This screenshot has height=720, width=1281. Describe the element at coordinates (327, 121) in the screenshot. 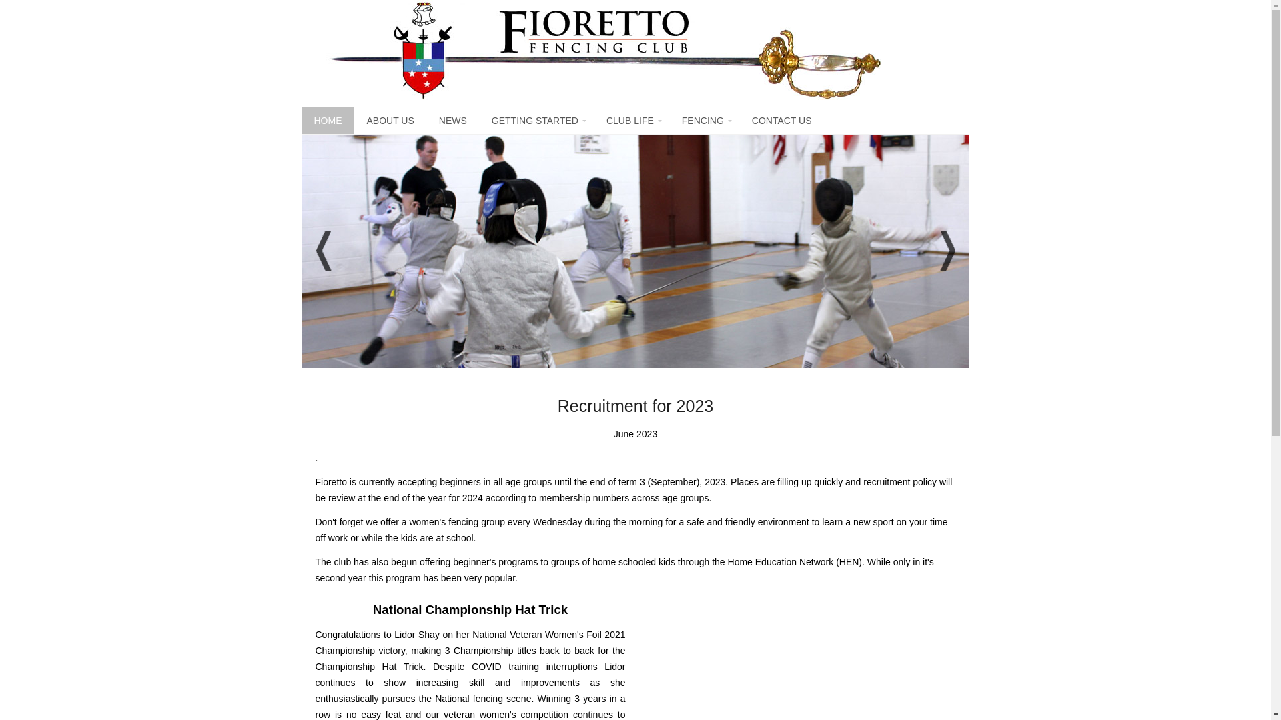

I see `'HOME'` at that location.